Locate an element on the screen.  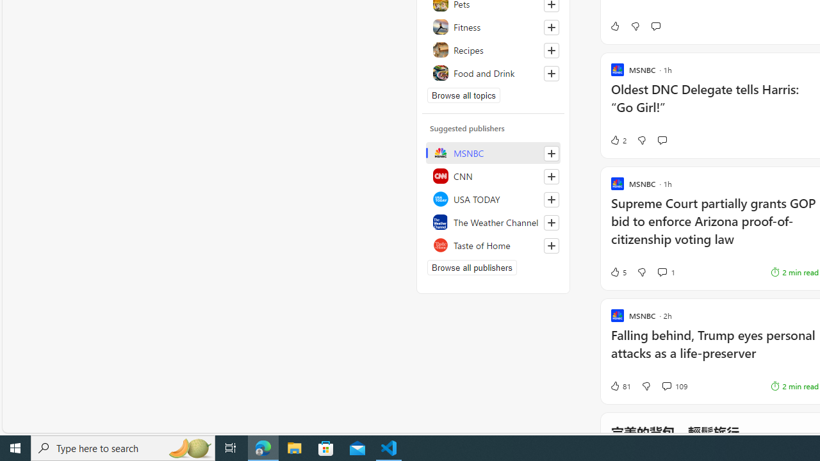
'CNN' is located at coordinates (493, 176).